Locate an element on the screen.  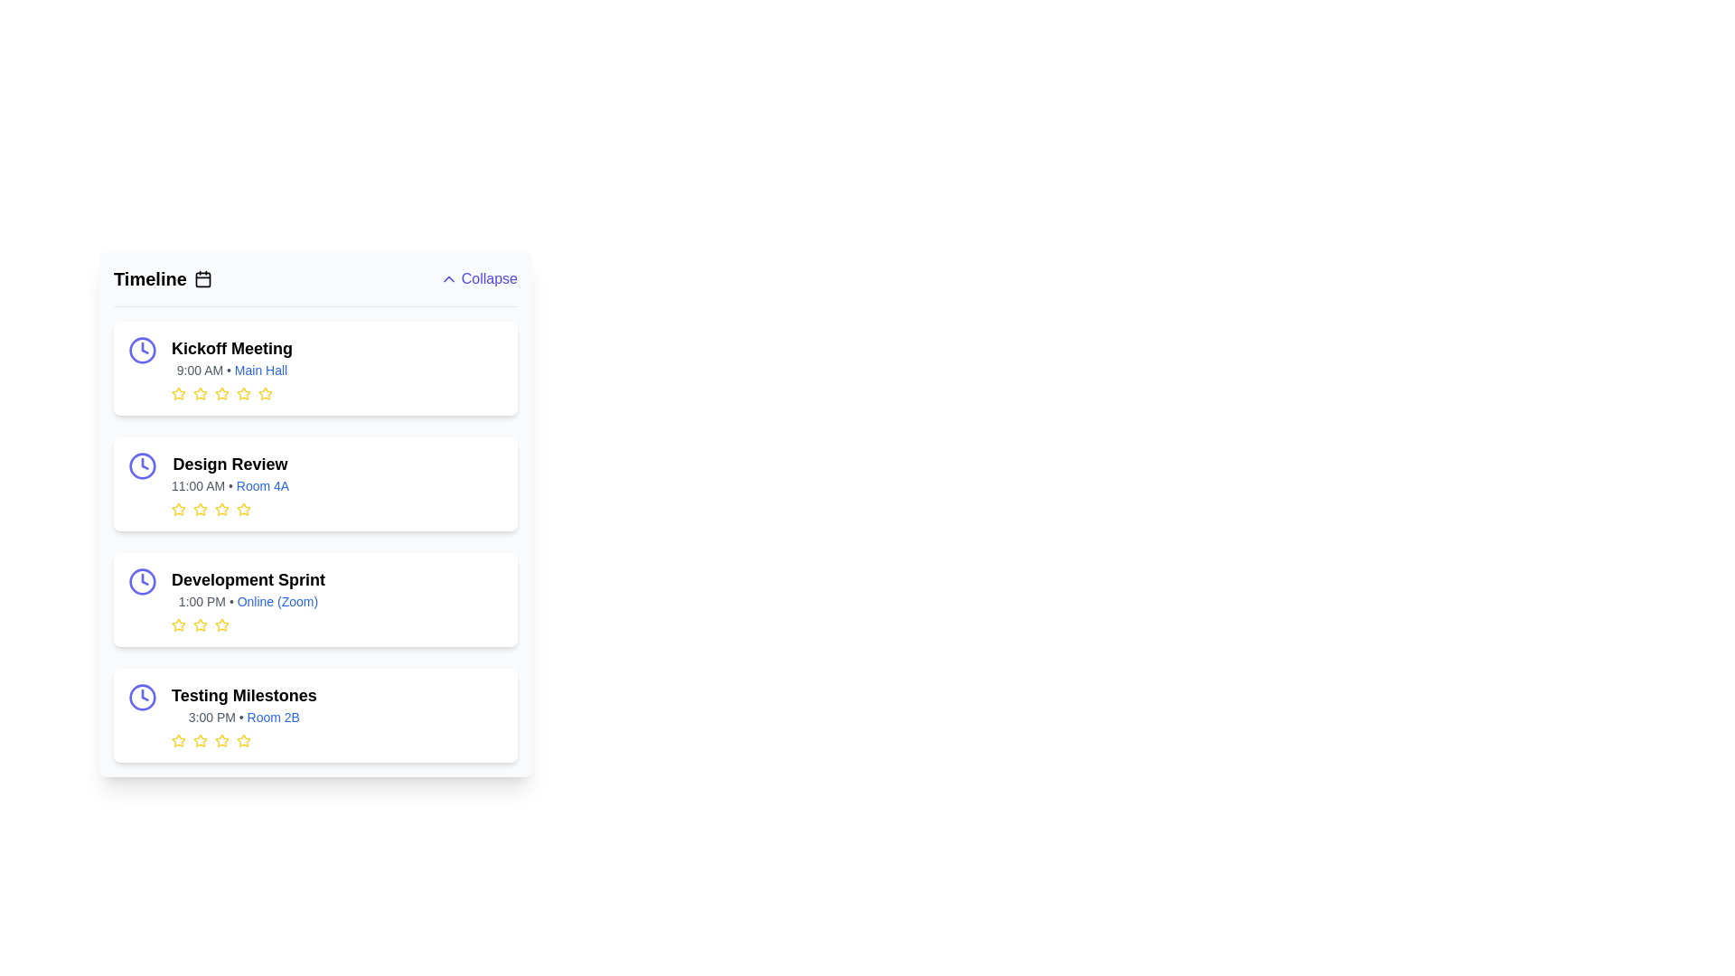
the title label for the second list item in the vertical agenda, which provides the name of the meeting or event, positioned above '11:00 AM • Room 4A' is located at coordinates (230, 463).